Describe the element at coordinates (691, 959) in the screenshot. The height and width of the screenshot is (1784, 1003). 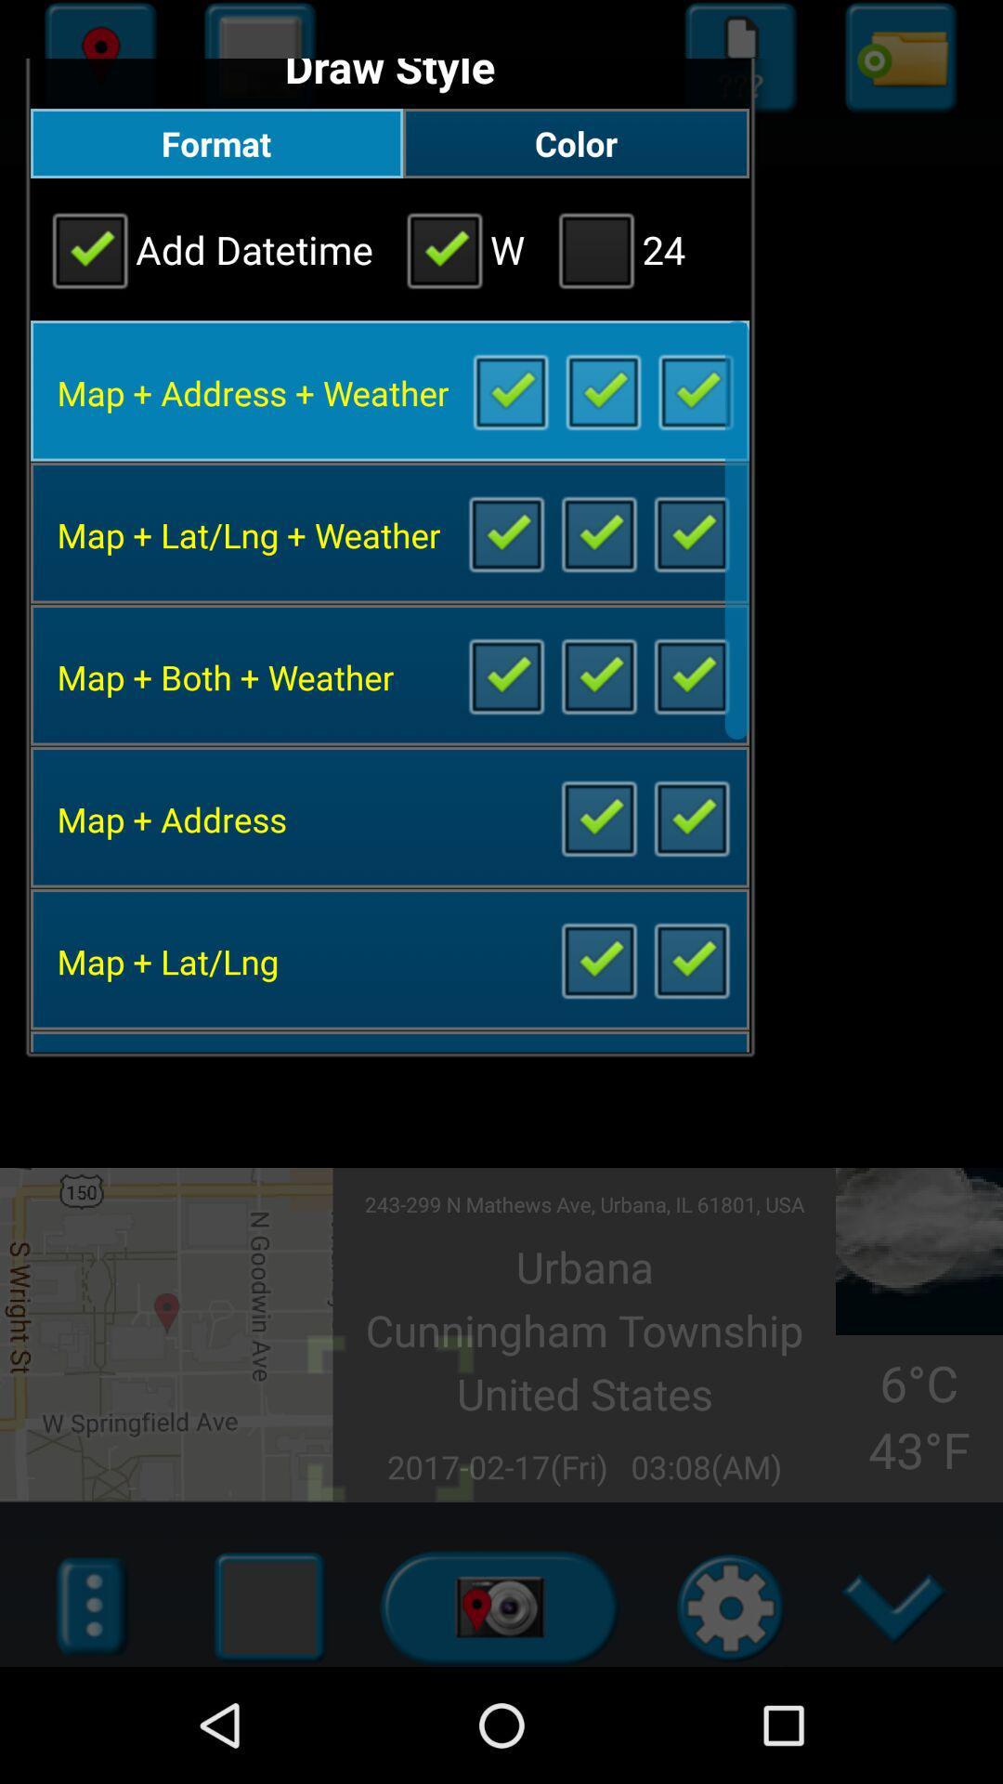
I see `view latitude and longitude` at that location.